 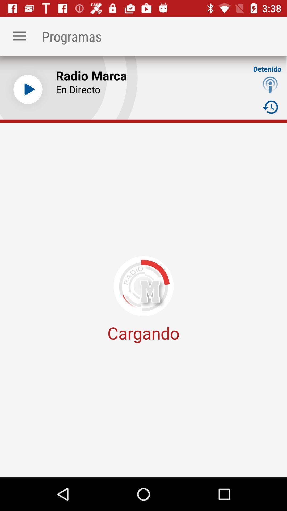 I want to click on icon next to the programas, so click(x=19, y=36).